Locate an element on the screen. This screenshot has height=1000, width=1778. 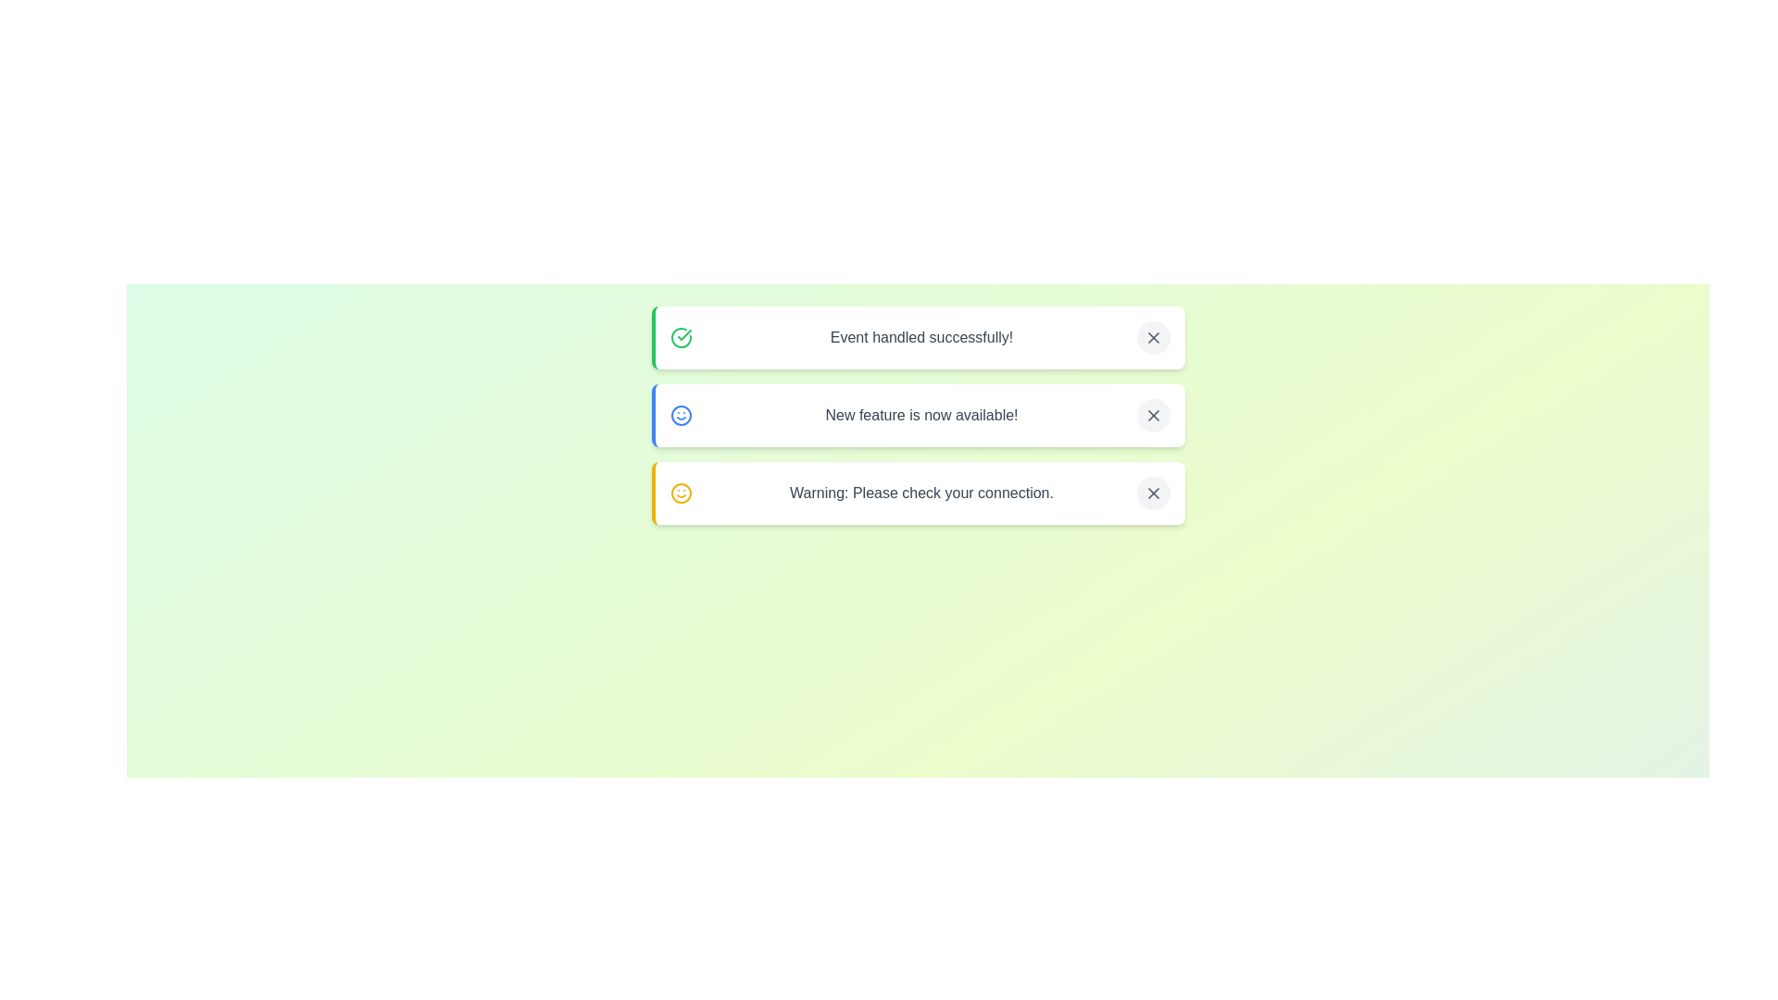
the close button in the top-right corner of the second notification card is located at coordinates (1152, 414).